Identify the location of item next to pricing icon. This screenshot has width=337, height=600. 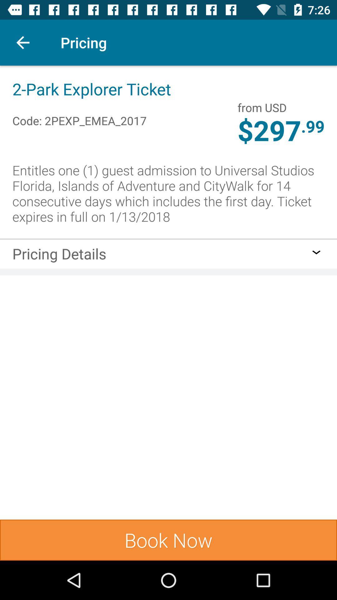
(22, 42).